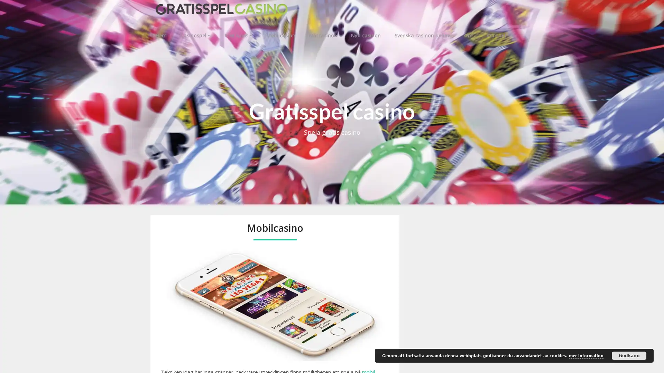 The width and height of the screenshot is (664, 373). What do you see at coordinates (629, 355) in the screenshot?
I see `Godkann` at bounding box center [629, 355].